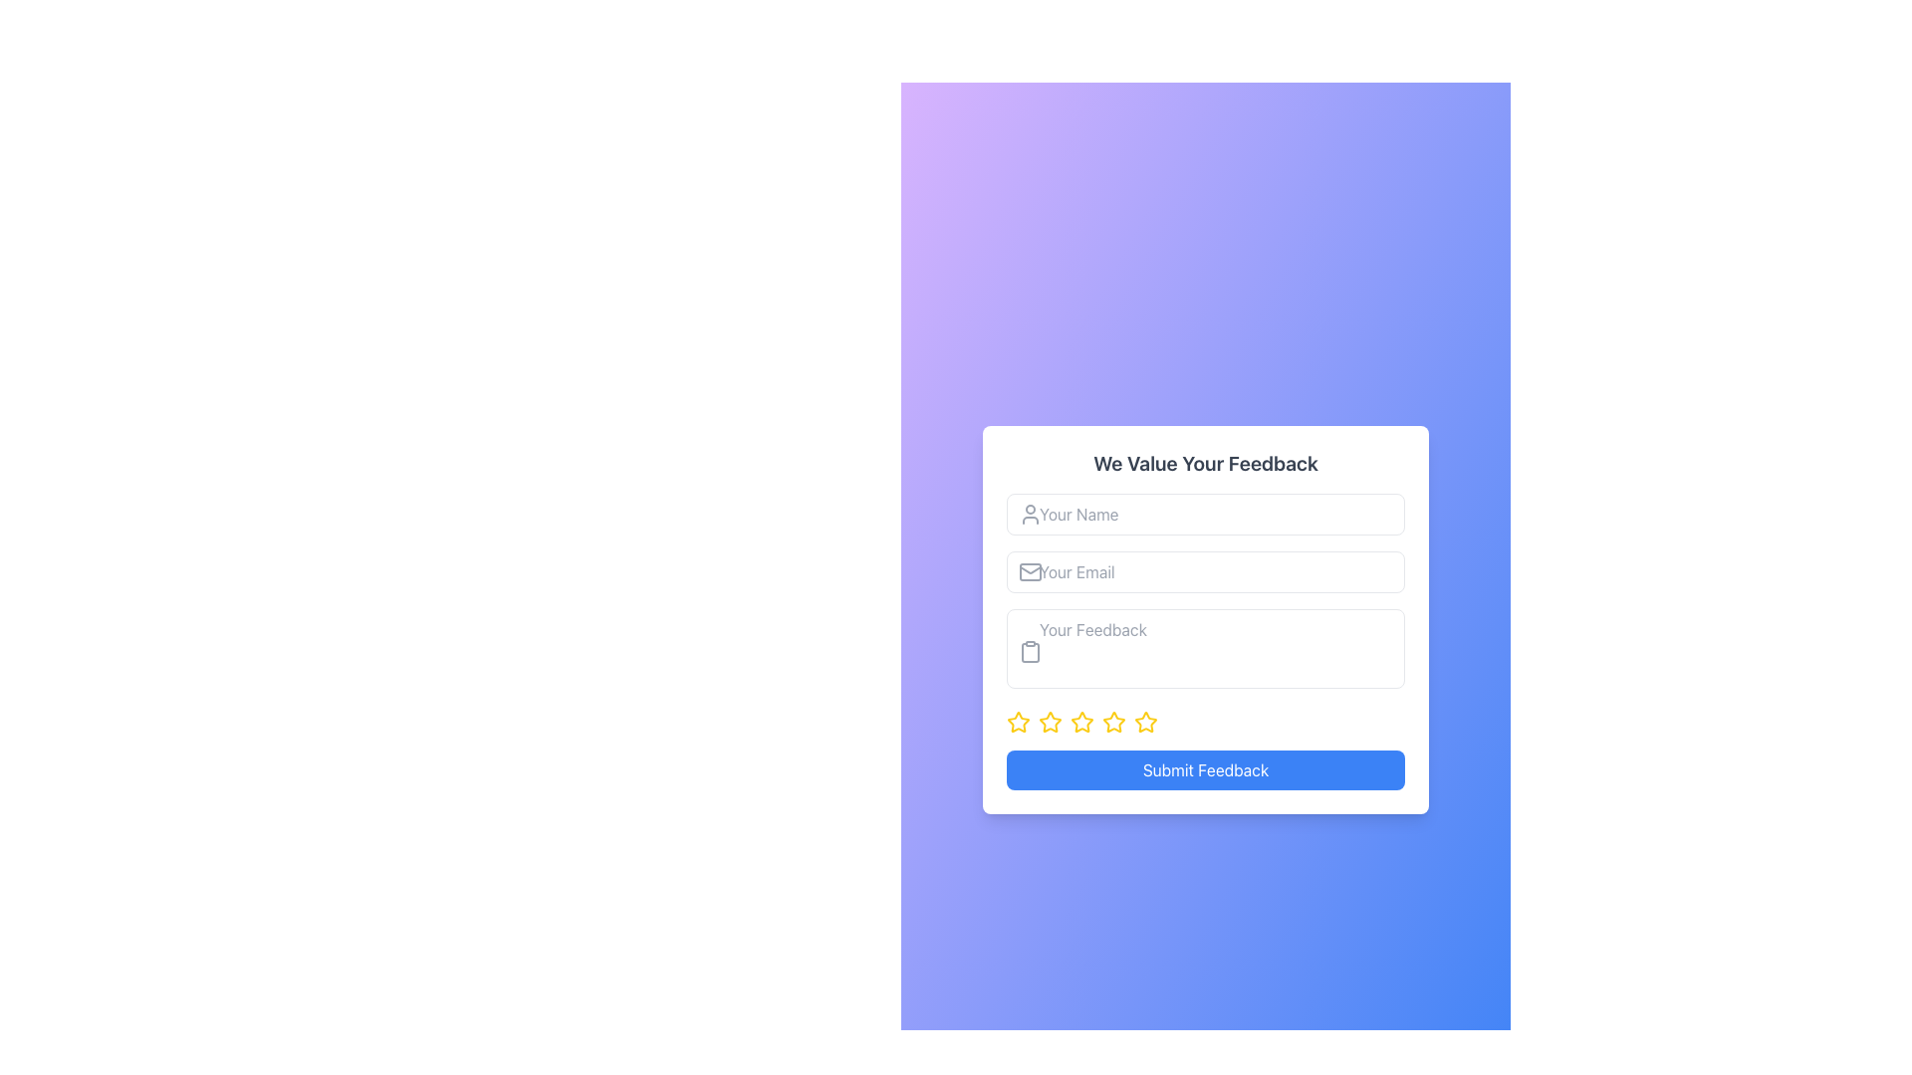  What do you see at coordinates (1031, 652) in the screenshot?
I see `the decorative icon located inside the 'Your Feedback' input field, positioned towards the left side of the field` at bounding box center [1031, 652].